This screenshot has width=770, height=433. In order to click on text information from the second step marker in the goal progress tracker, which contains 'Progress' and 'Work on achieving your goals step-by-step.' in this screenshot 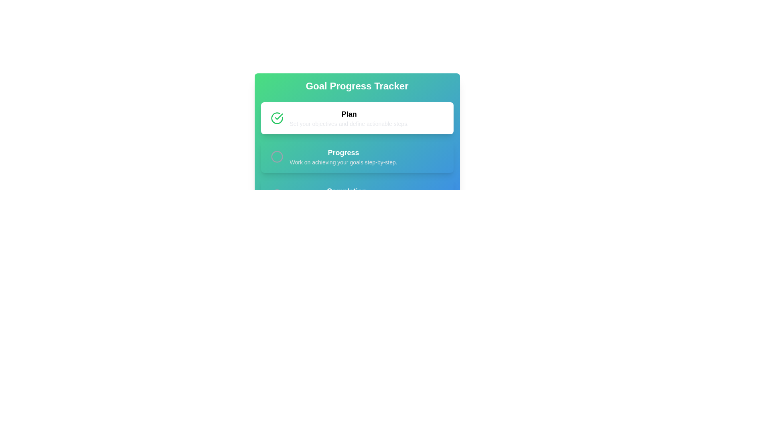, I will do `click(357, 156)`.